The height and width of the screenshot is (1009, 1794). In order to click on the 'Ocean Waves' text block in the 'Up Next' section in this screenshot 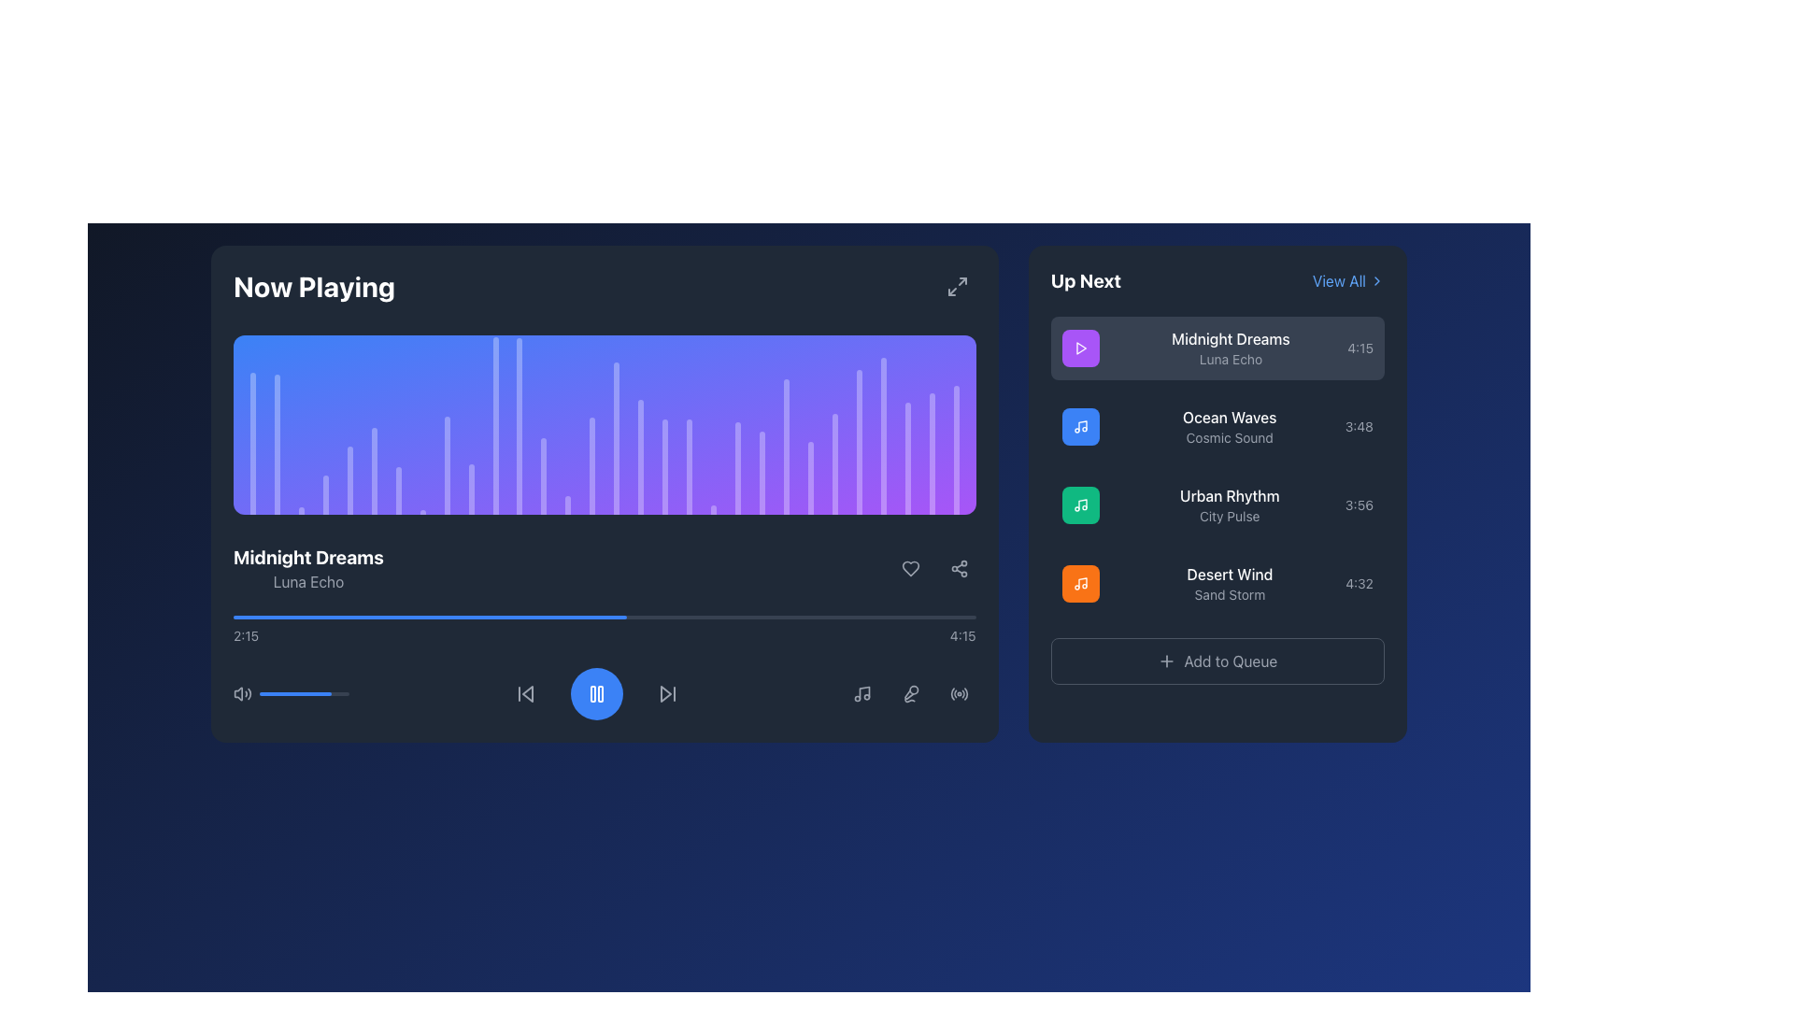, I will do `click(1229, 426)`.